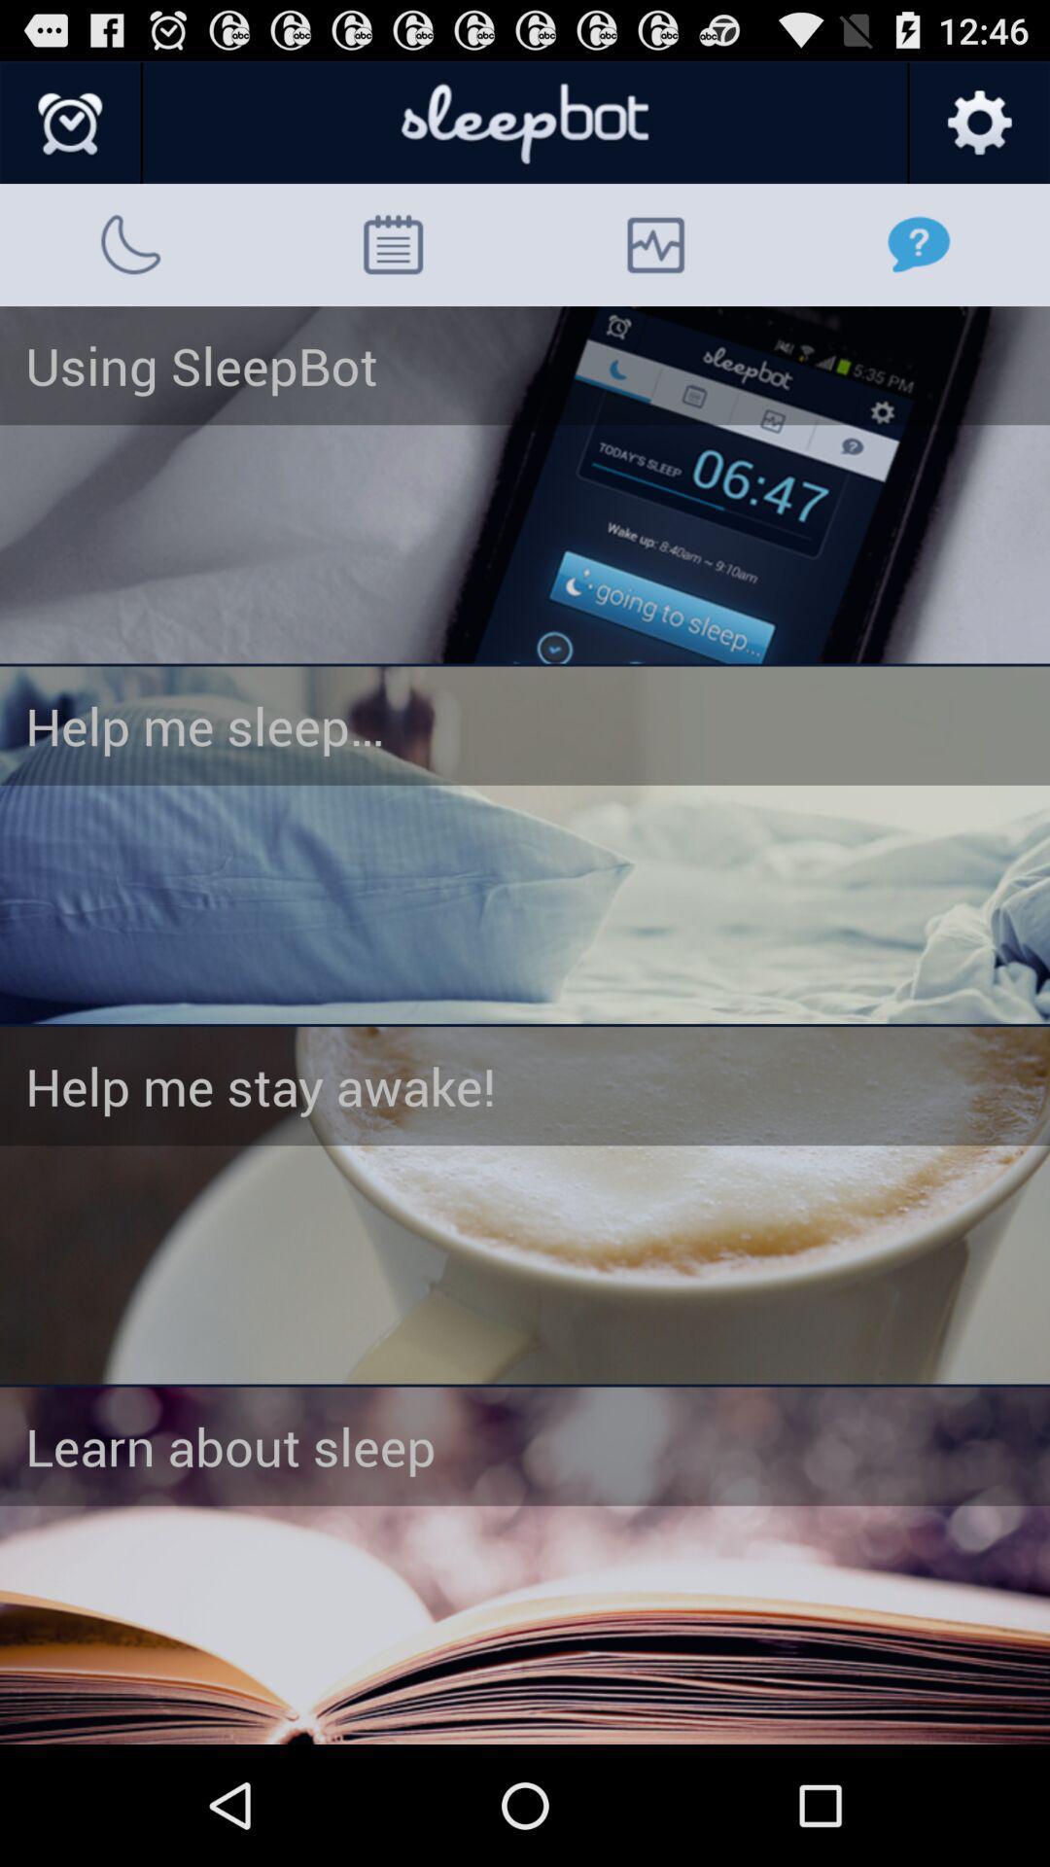  I want to click on using sleepbot guide, so click(525, 484).